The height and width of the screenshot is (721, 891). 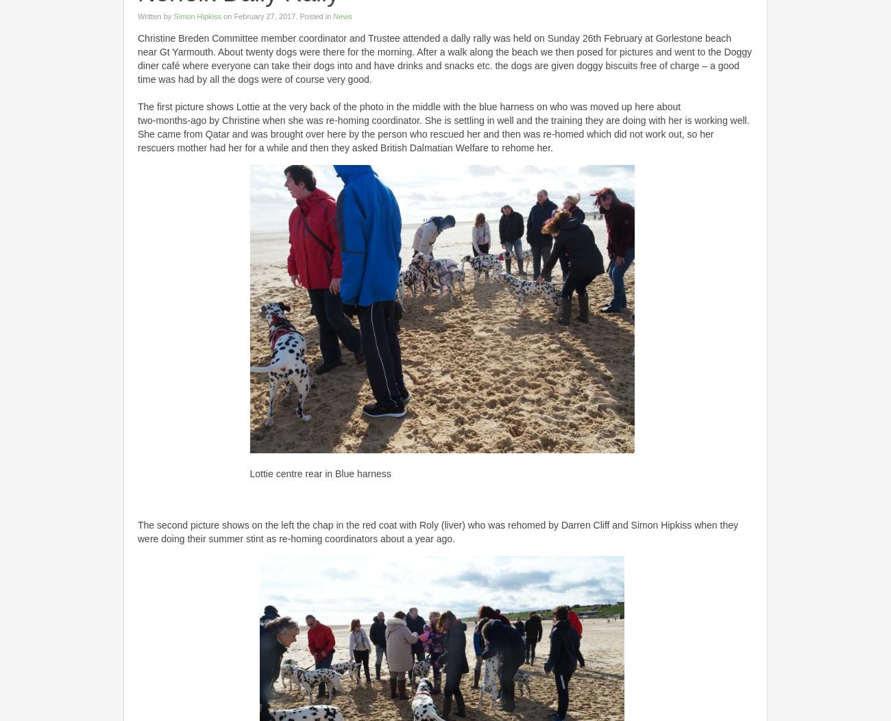 I want to click on 'Simon Hipkiss', so click(x=197, y=15).